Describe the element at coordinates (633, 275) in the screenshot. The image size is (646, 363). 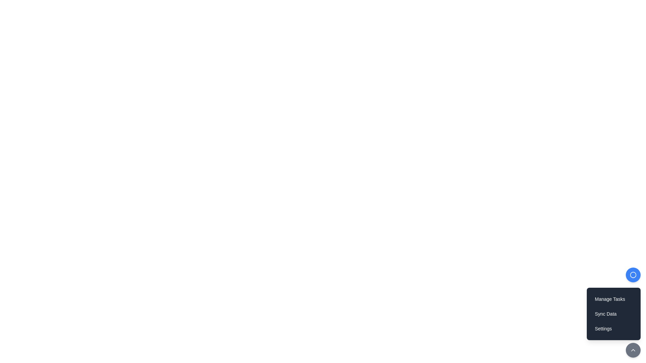
I see `the Circular Button located at the top-right corner of a vertical column of buttons, which includes 'Manage Tasks', 'Sync Data', and 'Settings'` at that location.